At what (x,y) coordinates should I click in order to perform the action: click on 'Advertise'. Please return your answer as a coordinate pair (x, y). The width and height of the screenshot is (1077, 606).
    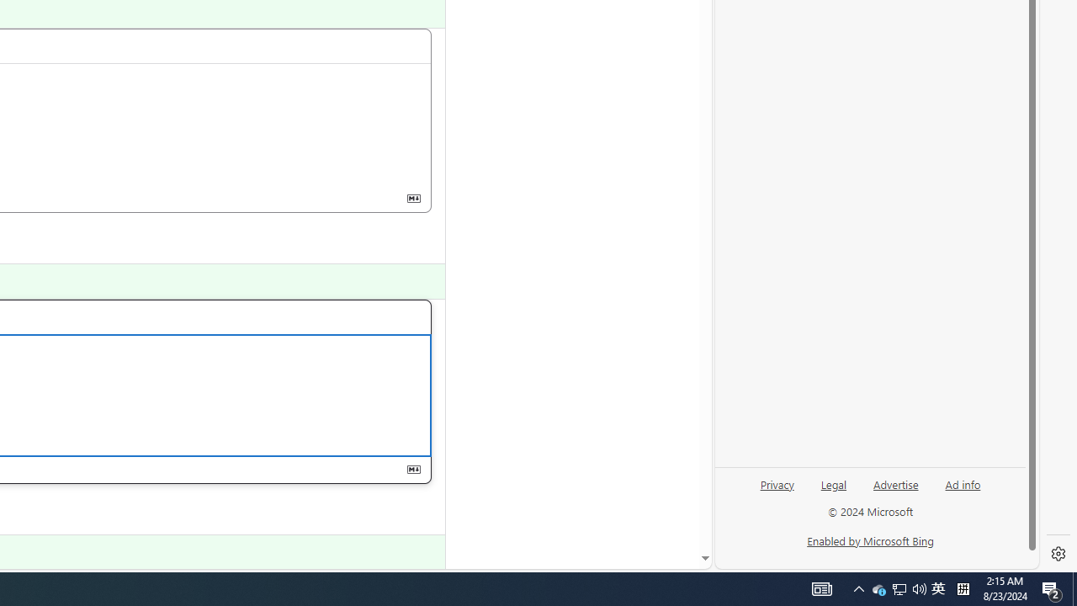
    Looking at the image, I should click on (894, 491).